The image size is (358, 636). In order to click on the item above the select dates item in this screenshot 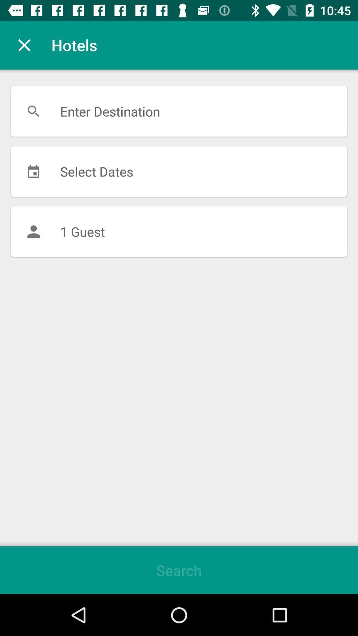, I will do `click(179, 111)`.